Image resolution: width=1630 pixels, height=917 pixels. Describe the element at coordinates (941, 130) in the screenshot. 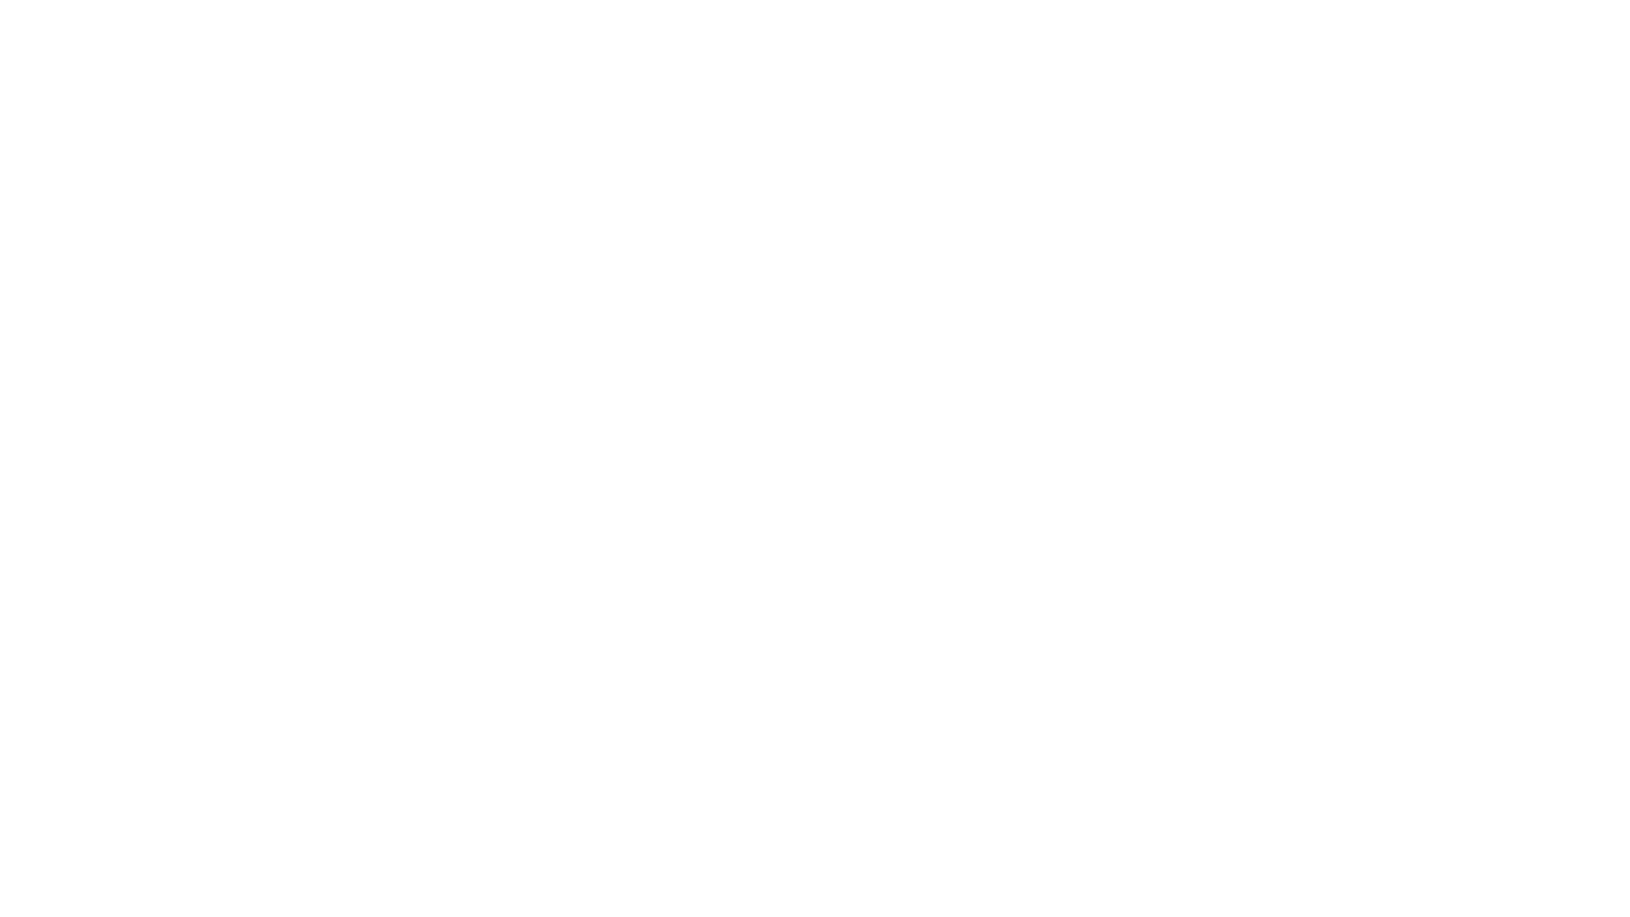

I see `INFORMATIONS COVID-19` at that location.